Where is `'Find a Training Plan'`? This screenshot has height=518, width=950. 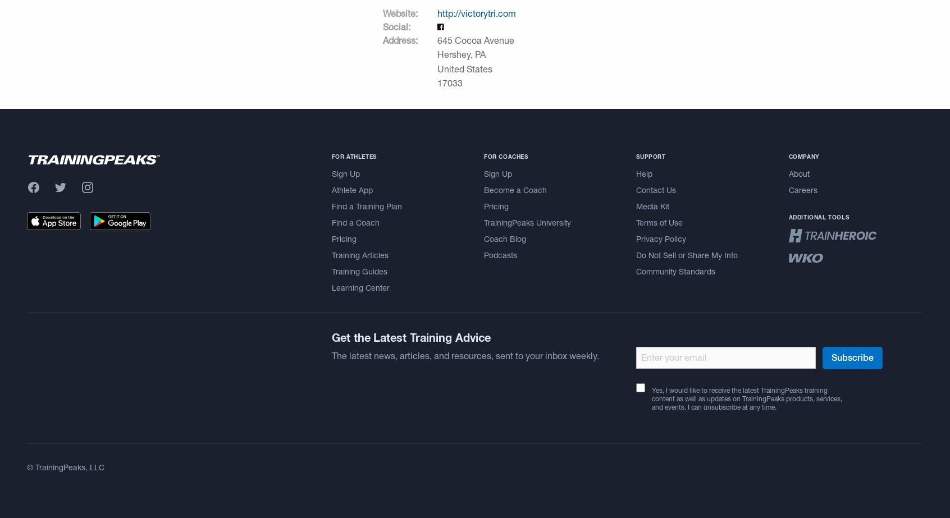
'Find a Training Plan' is located at coordinates (366, 205).